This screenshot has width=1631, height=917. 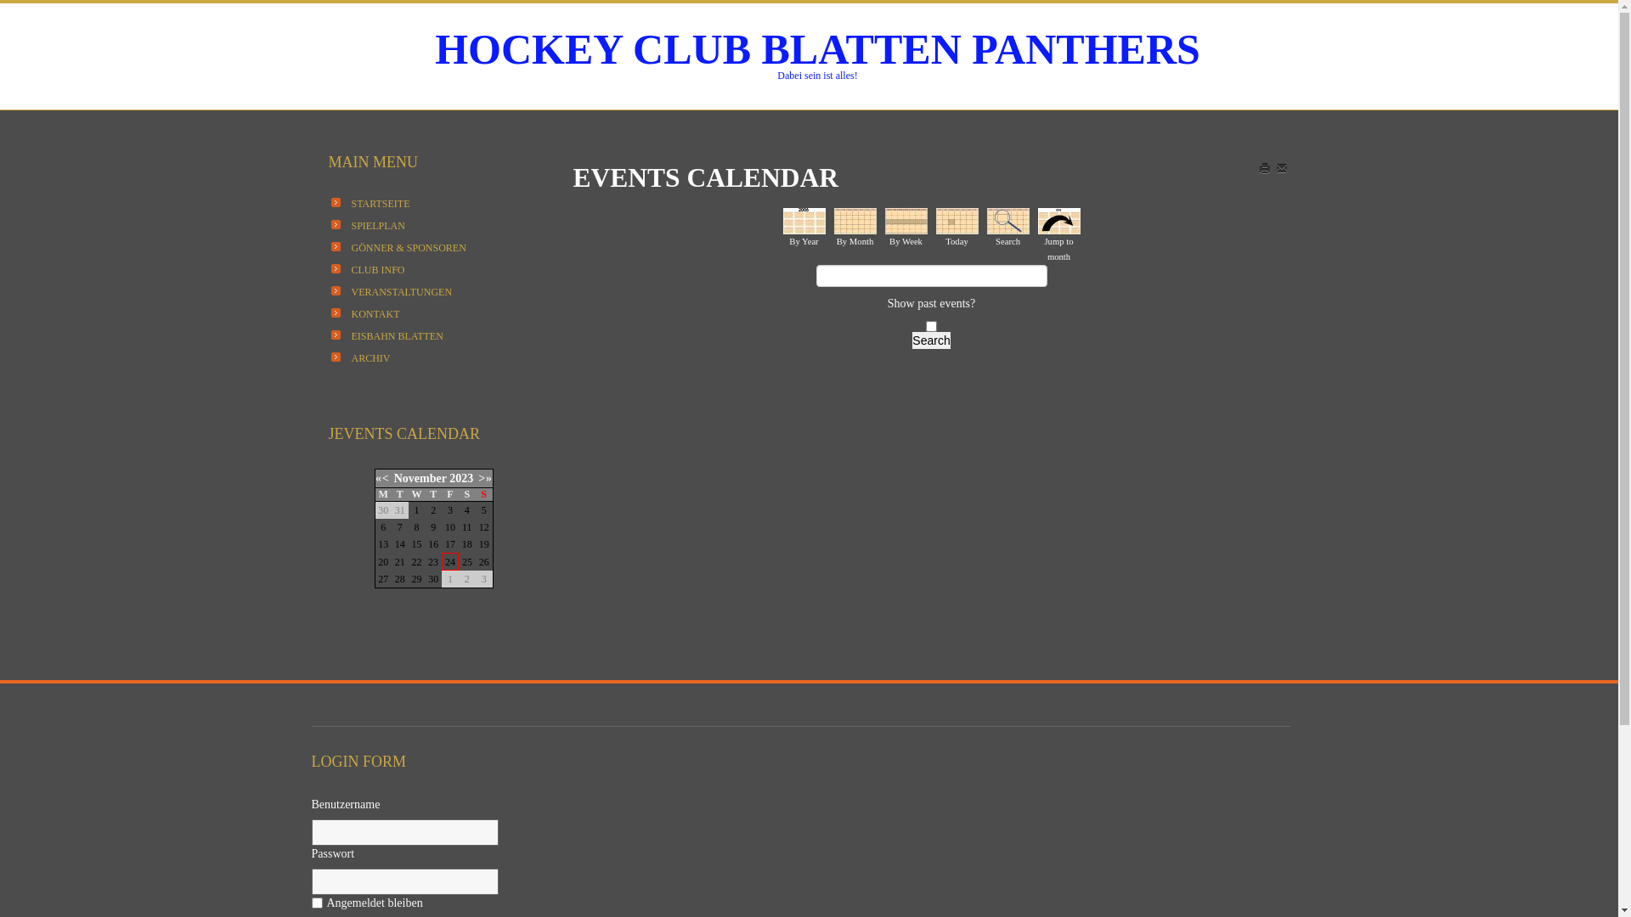 I want to click on '29', so click(x=415, y=578).